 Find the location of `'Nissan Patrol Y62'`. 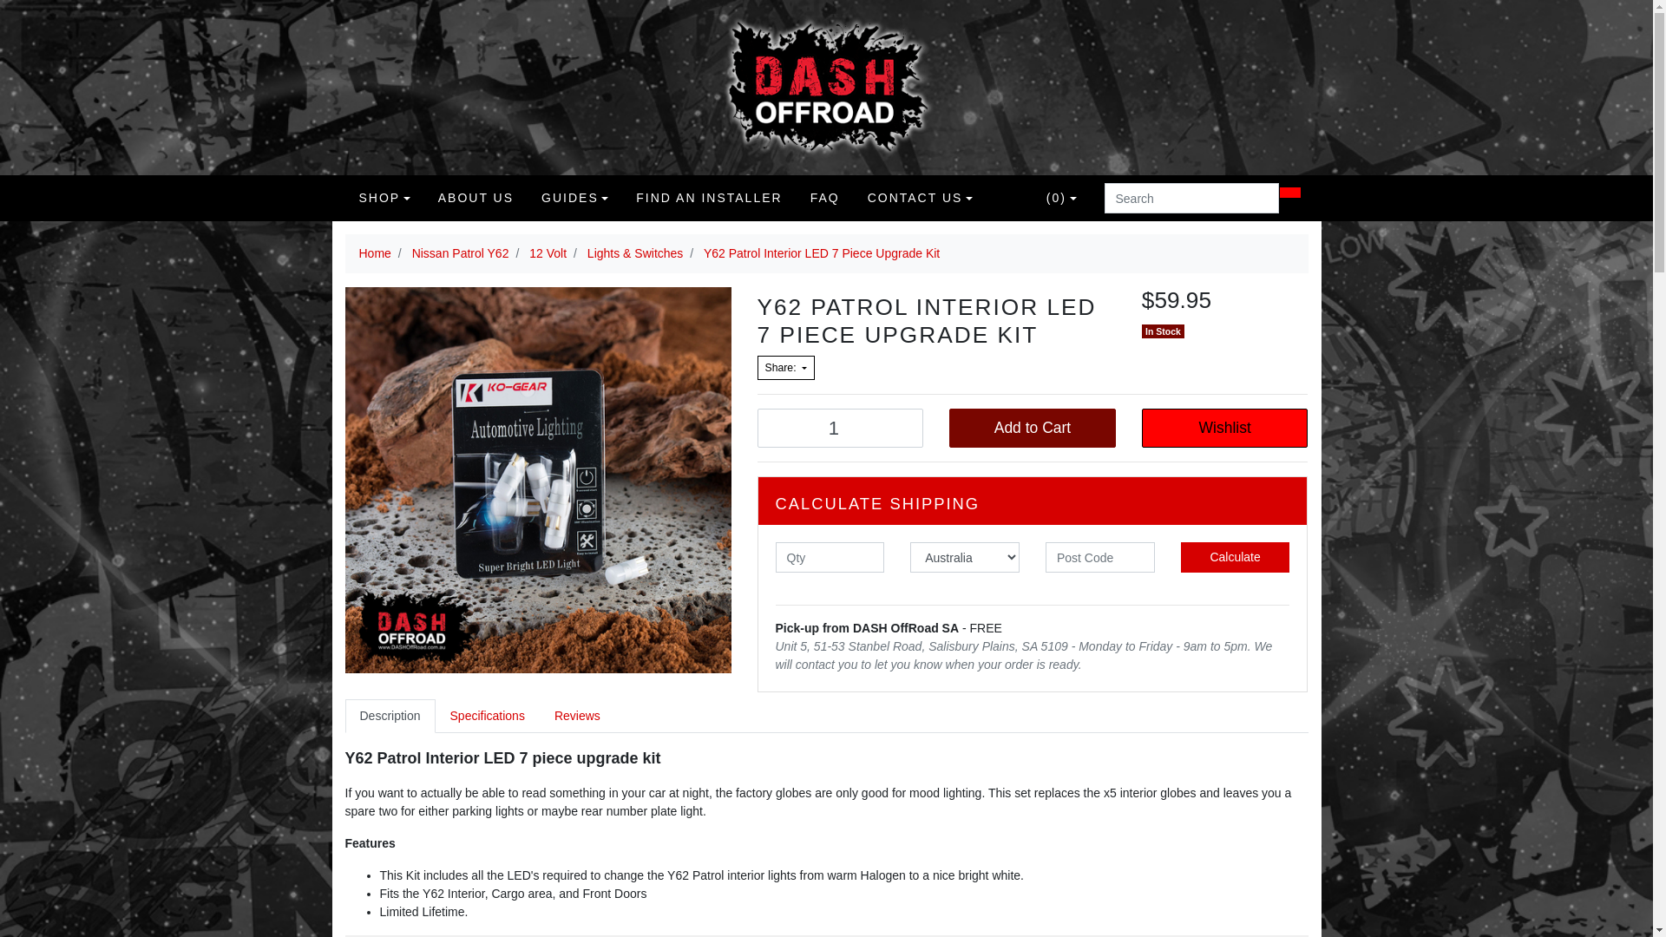

'Nissan Patrol Y62' is located at coordinates (461, 253).